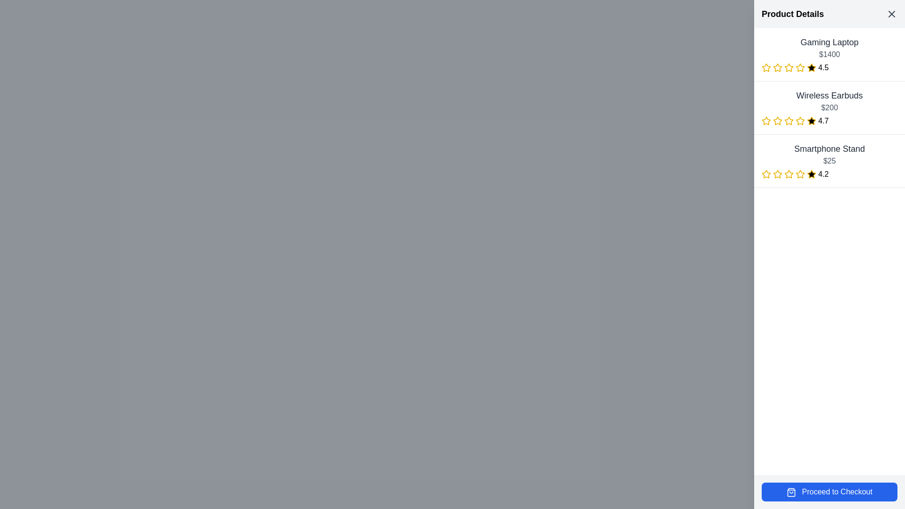  I want to click on the fourth star icon in the rating system for the 'Smartphone Stand' product located at the bottom of the 'Product Details' section in the right-hand panel, so click(811, 174).